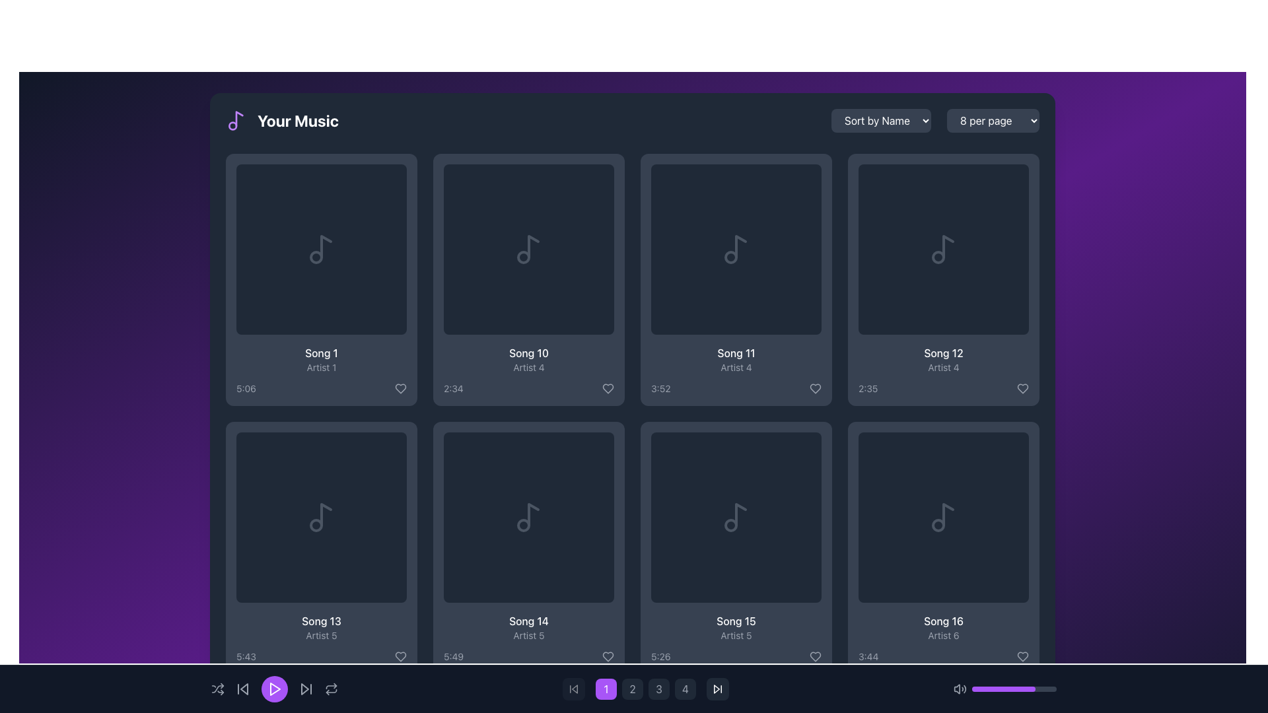  Describe the element at coordinates (978, 689) in the screenshot. I see `the volume` at that location.